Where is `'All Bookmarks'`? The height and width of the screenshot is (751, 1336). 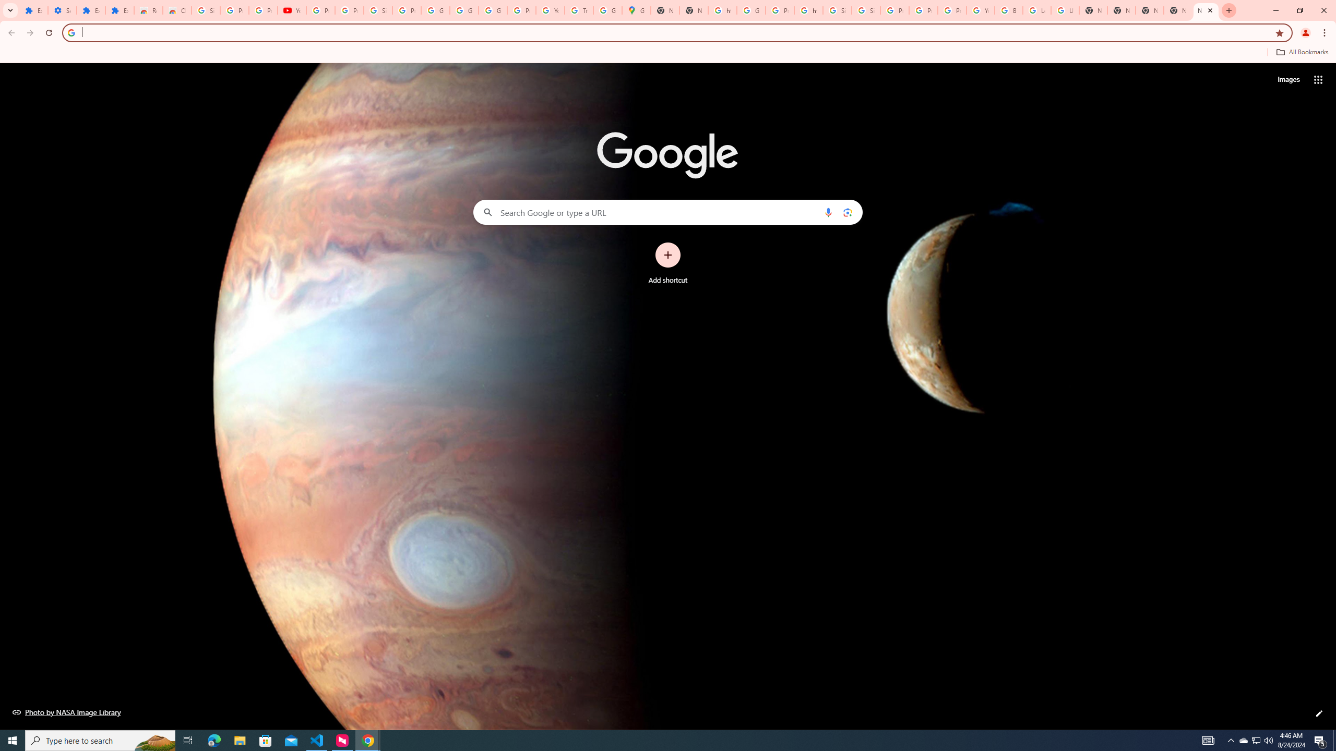
'All Bookmarks' is located at coordinates (1302, 52).